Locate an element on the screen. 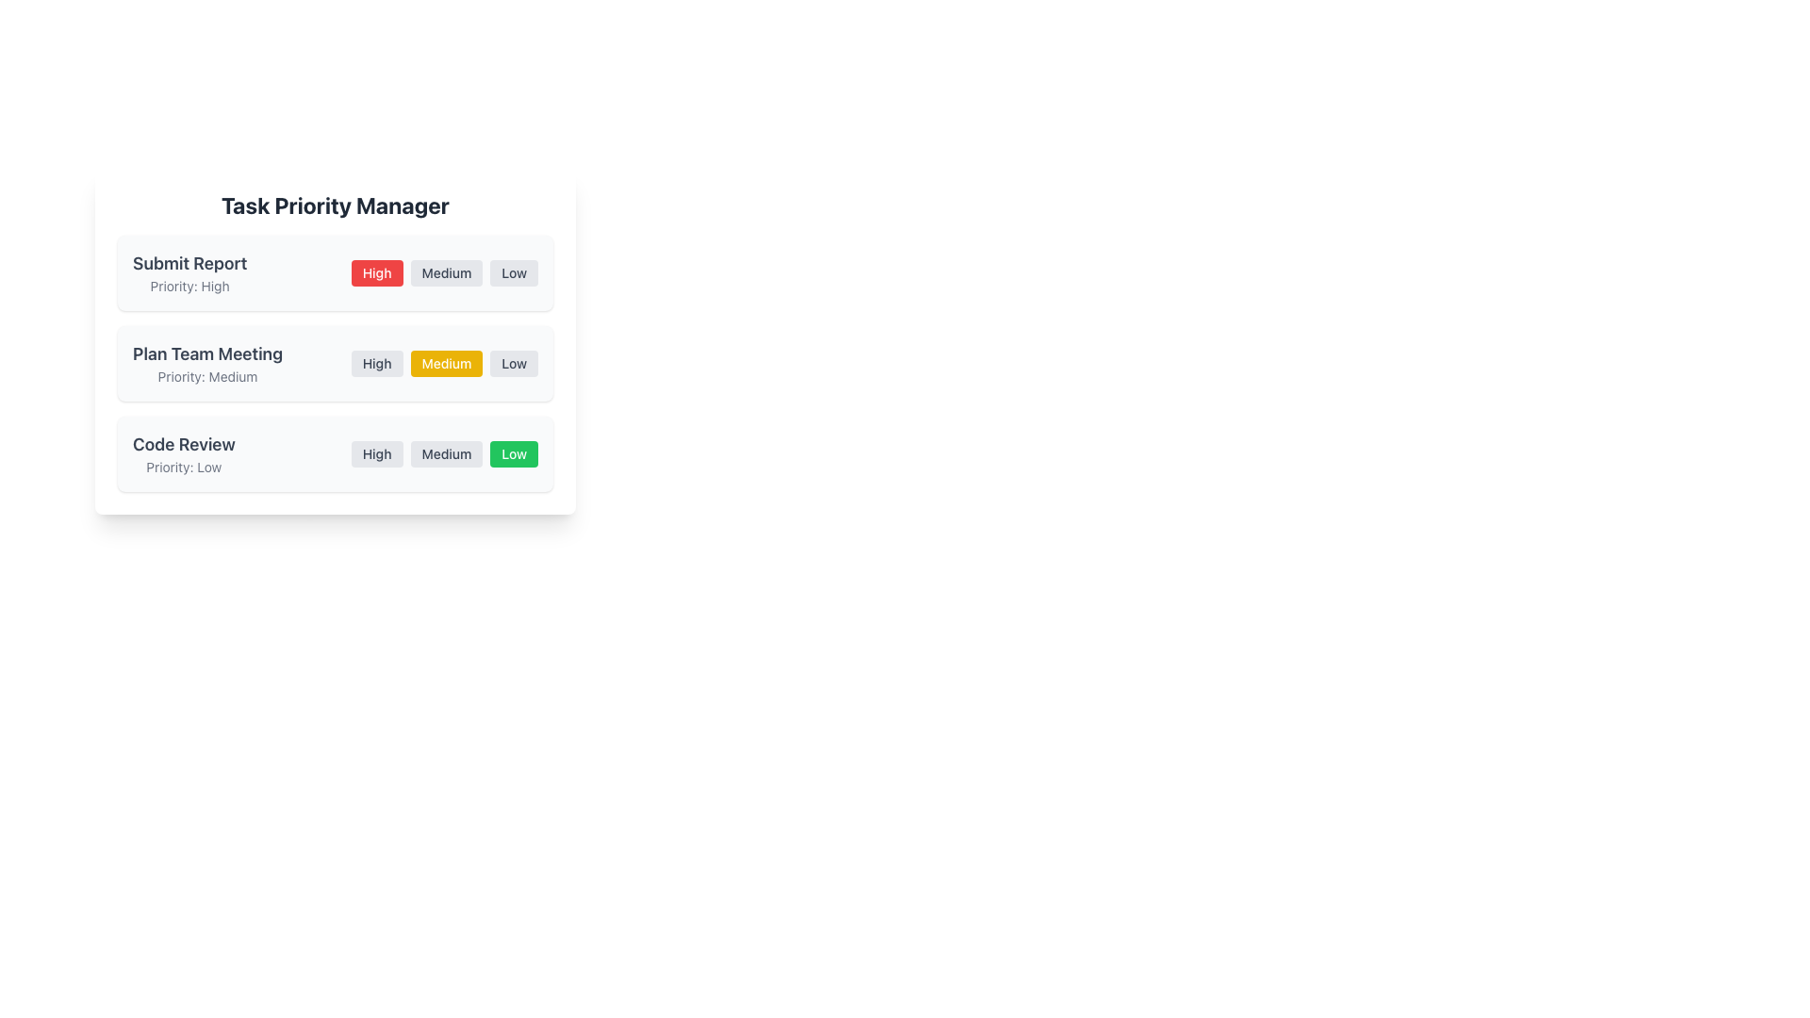  the Text Display element that shows the task name 'Plan Team Meeting' and its priority level 'Medium' in the 'Task Priority Manager' card is located at coordinates (207, 363).